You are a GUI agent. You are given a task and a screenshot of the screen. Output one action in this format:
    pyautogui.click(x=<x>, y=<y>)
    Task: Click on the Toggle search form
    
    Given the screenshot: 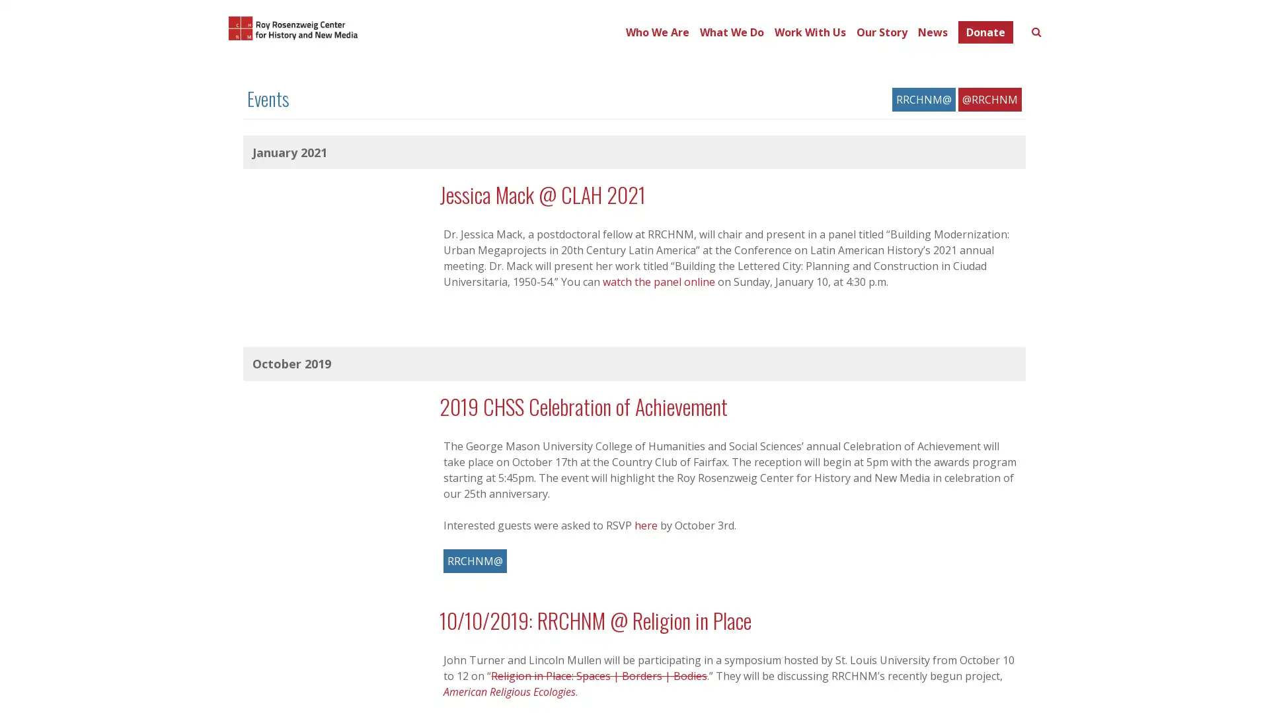 What is the action you would take?
    pyautogui.click(x=1036, y=31)
    